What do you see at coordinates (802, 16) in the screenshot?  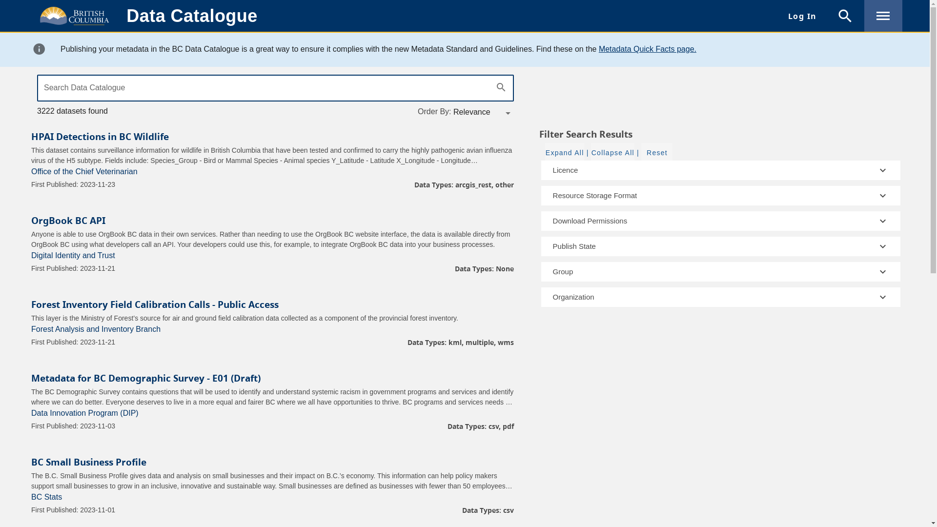 I see `'Log In'` at bounding box center [802, 16].